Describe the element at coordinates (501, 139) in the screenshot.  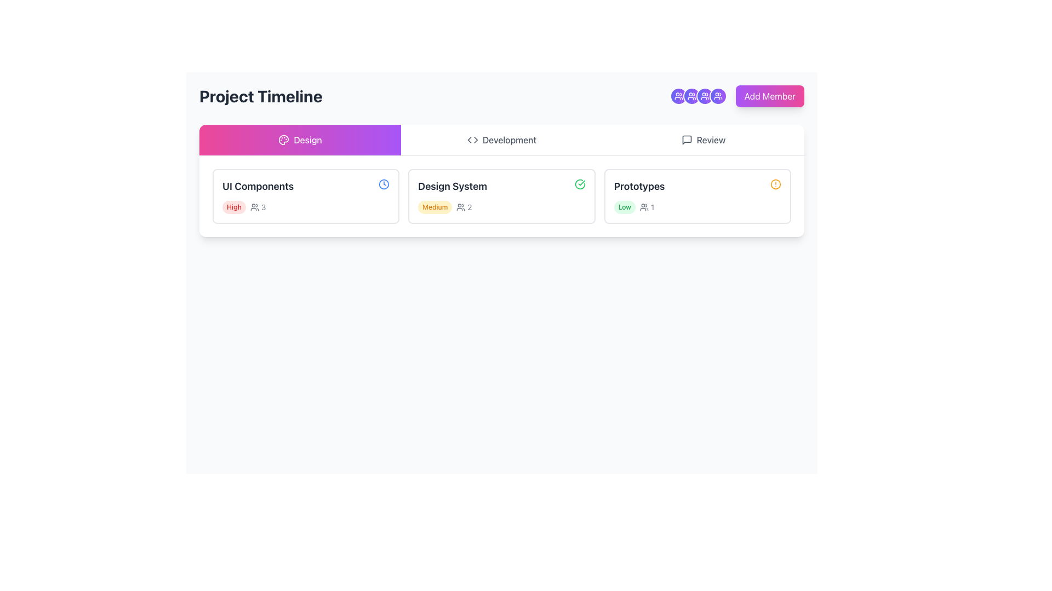
I see `the 'Development' button, which is a horizontally rectangular button with a light background and gray text, featuring a code icon to the left of the text` at that location.